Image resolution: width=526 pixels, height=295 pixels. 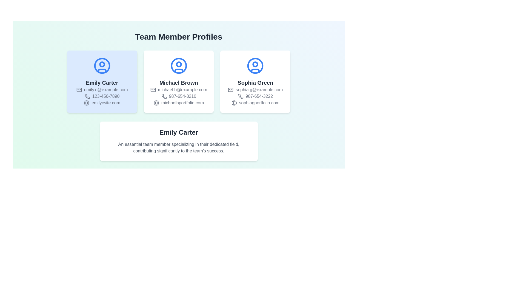 What do you see at coordinates (179, 89) in the screenshot?
I see `the text element displaying the email address 'michael.b@example.com' with the accompanying mail icon, located below 'Michael Brown' and above '987-654-3210'` at bounding box center [179, 89].